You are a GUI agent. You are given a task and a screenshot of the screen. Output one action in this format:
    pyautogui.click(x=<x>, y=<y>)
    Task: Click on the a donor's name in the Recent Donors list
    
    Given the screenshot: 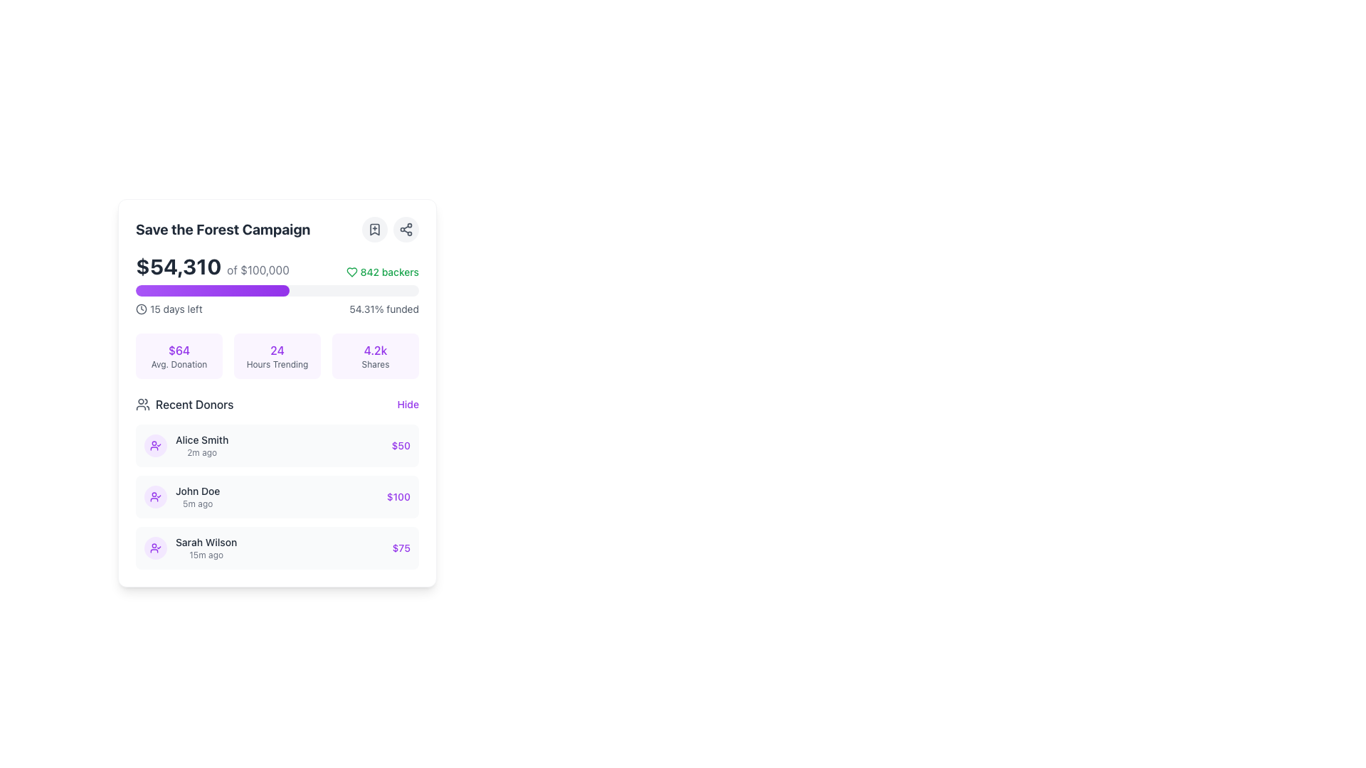 What is the action you would take?
    pyautogui.click(x=277, y=496)
    